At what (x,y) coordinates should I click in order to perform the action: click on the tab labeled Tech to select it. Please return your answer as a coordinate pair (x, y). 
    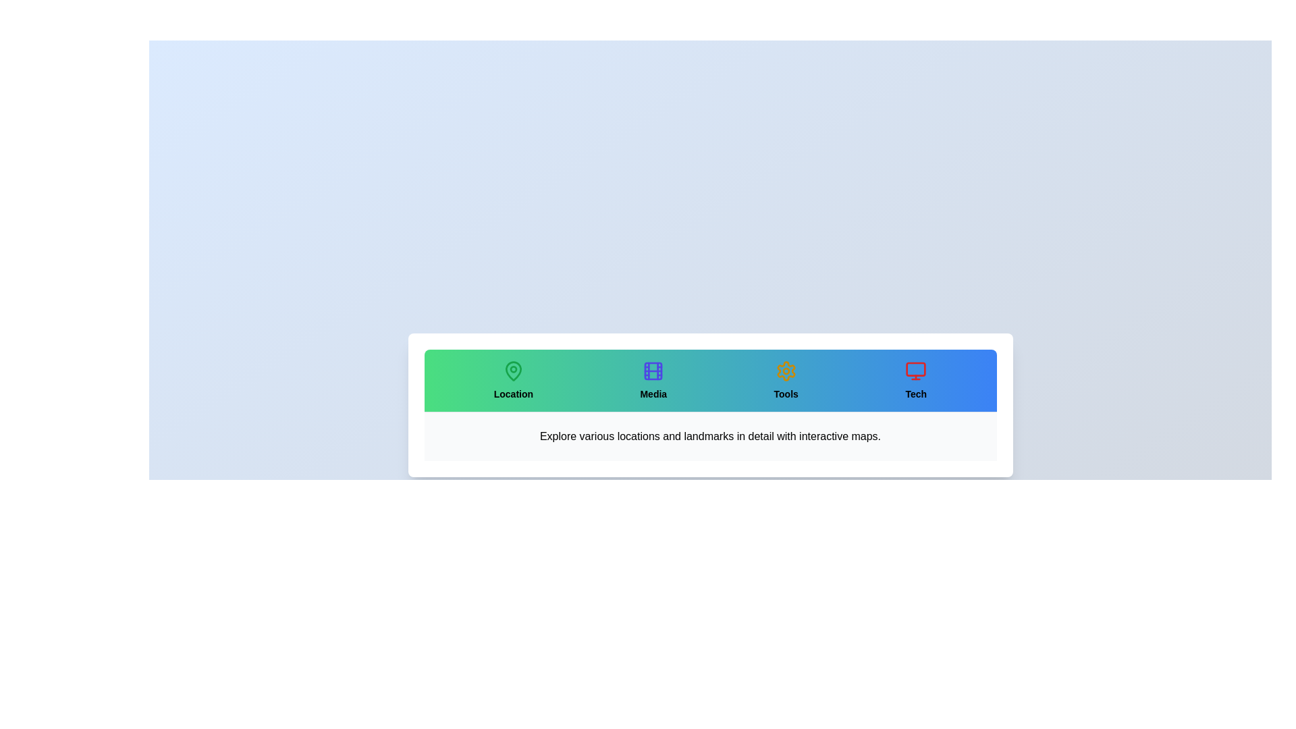
    Looking at the image, I should click on (916, 380).